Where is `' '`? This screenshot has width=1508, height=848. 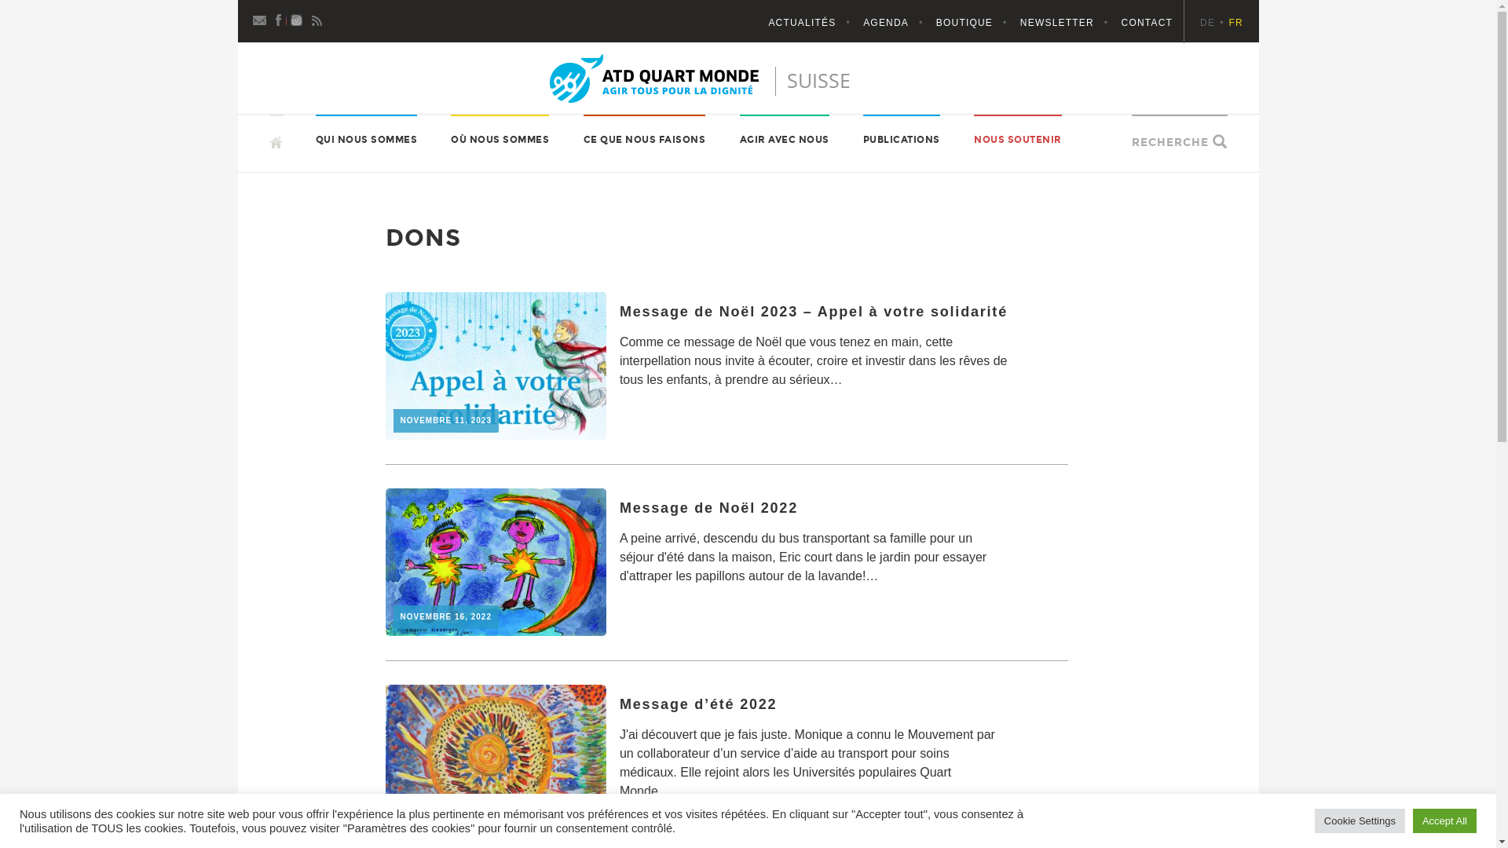
' ' is located at coordinates (276, 133).